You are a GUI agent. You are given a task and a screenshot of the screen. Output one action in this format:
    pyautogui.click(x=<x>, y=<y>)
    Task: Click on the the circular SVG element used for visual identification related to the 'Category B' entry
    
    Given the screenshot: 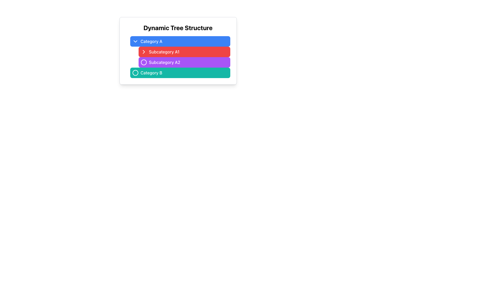 What is the action you would take?
    pyautogui.click(x=135, y=73)
    